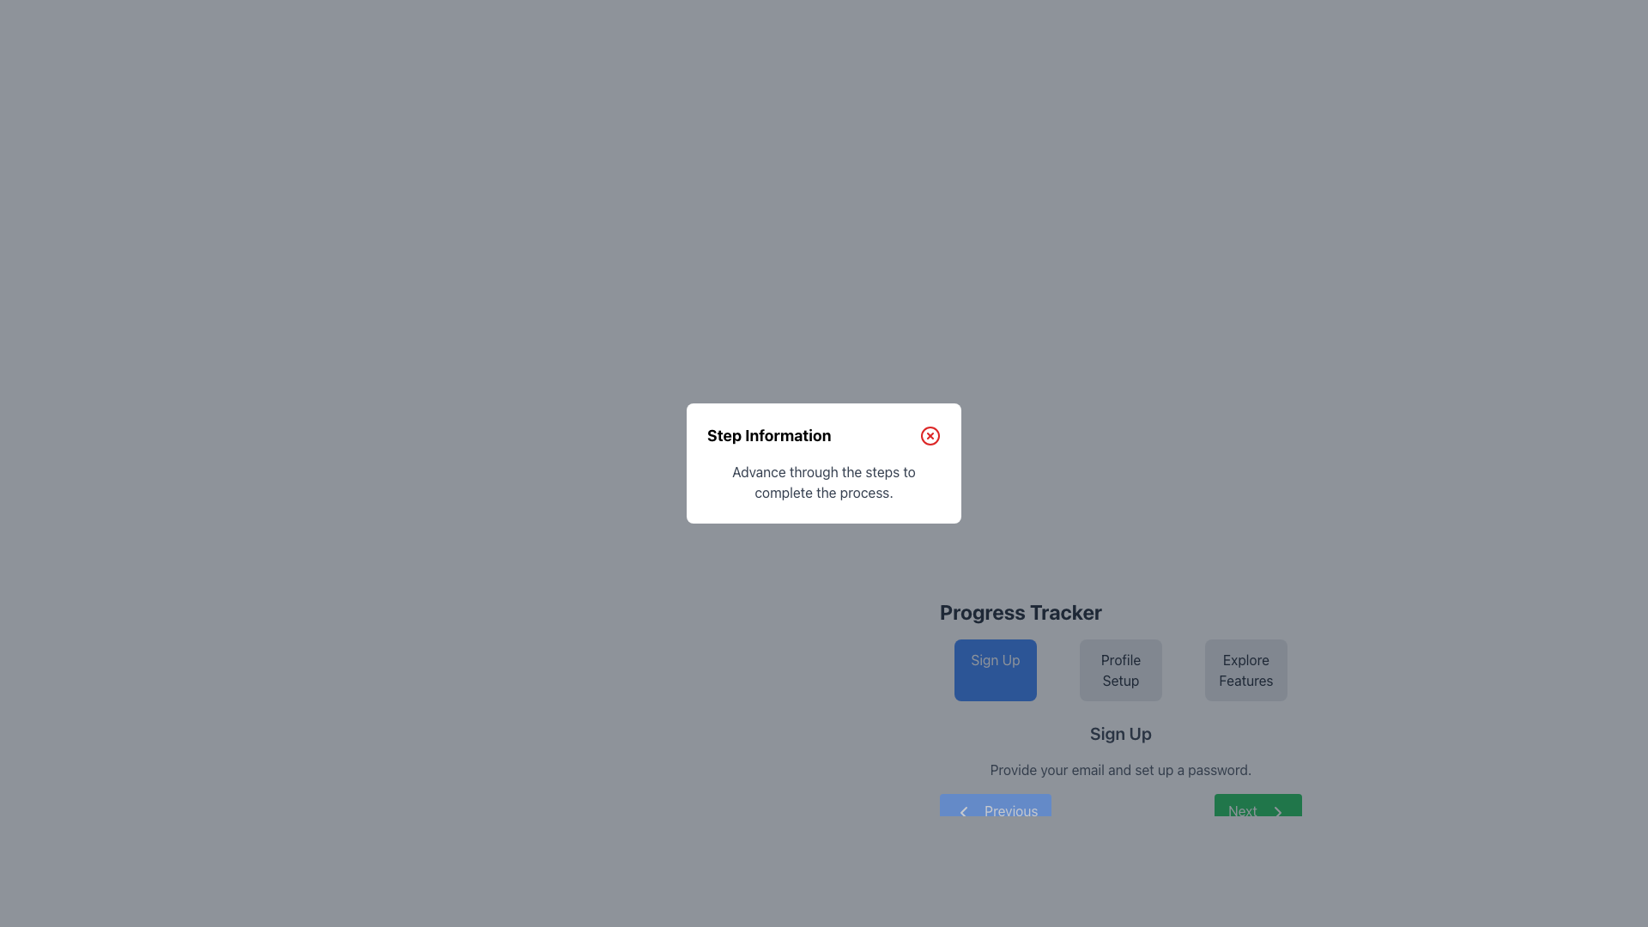 Image resolution: width=1648 pixels, height=927 pixels. What do you see at coordinates (1021, 611) in the screenshot?
I see `heading labeled 'Progress Tracker', which is a bold, larger text in dark gray color located in the top-right quadrant of the interface` at bounding box center [1021, 611].